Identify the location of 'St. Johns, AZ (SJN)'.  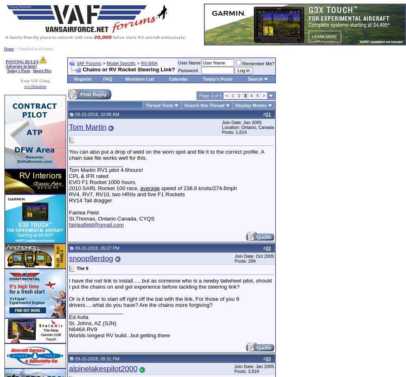
(92, 322).